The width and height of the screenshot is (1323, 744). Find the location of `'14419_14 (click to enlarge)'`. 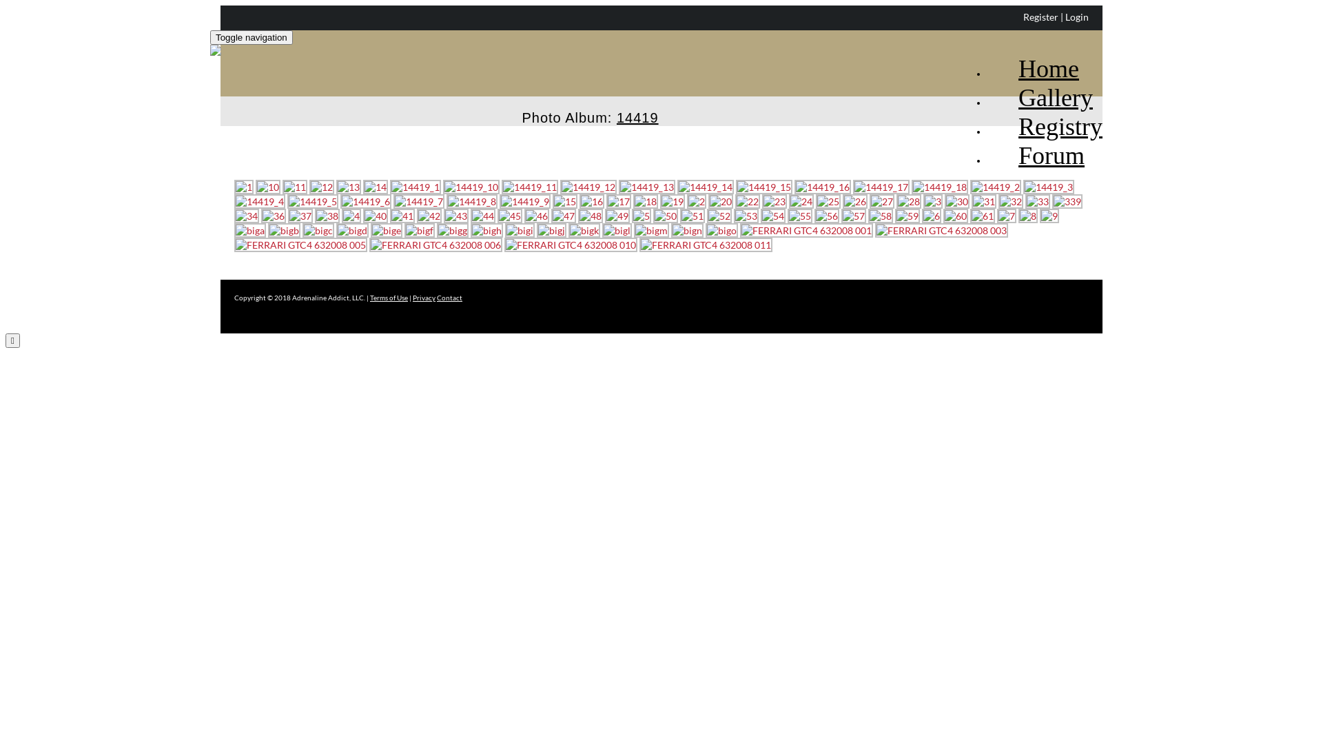

'14419_14 (click to enlarge)' is located at coordinates (677, 187).